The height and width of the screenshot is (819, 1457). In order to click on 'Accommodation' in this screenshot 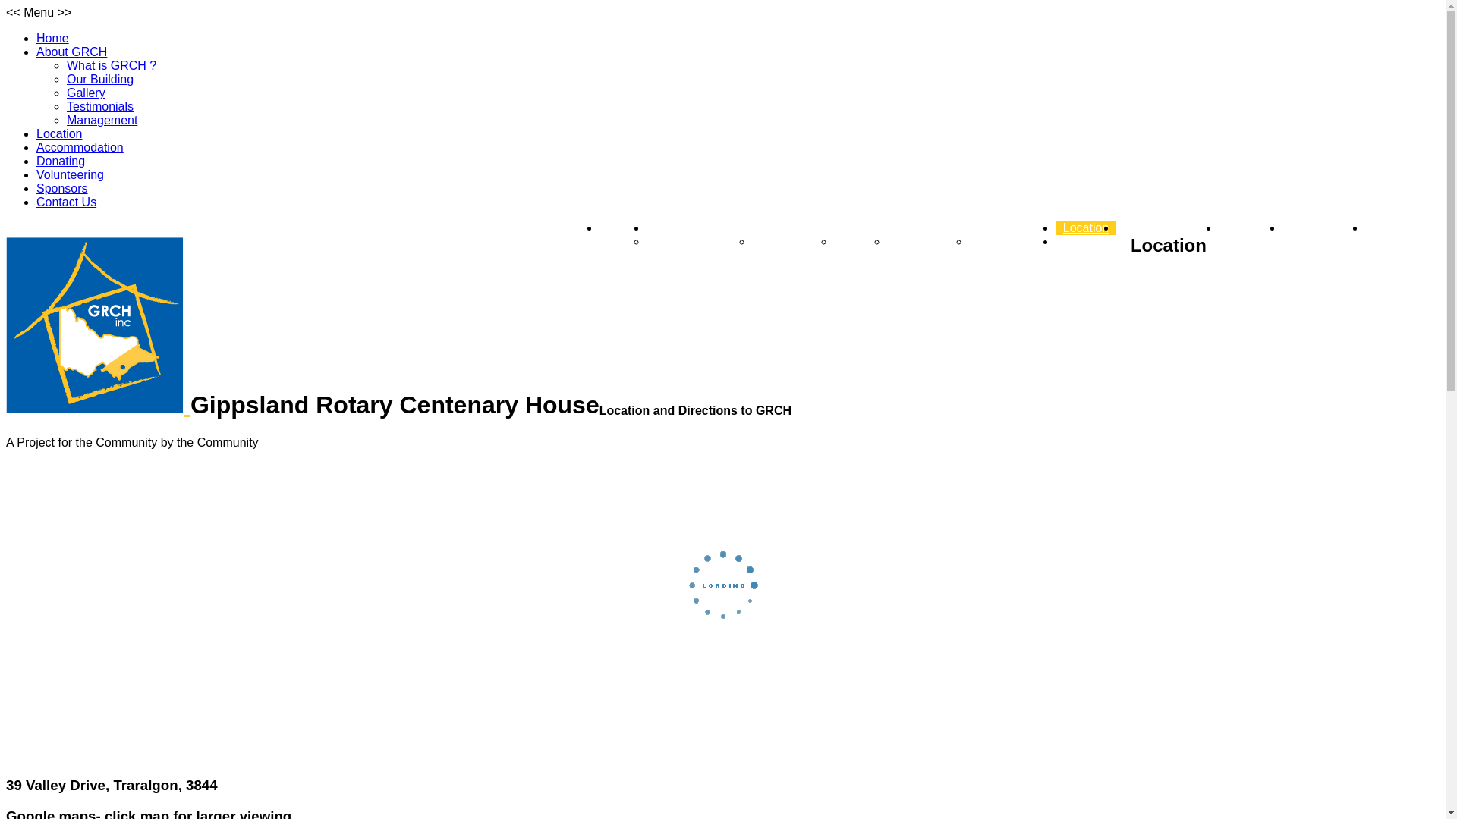, I will do `click(79, 147)`.